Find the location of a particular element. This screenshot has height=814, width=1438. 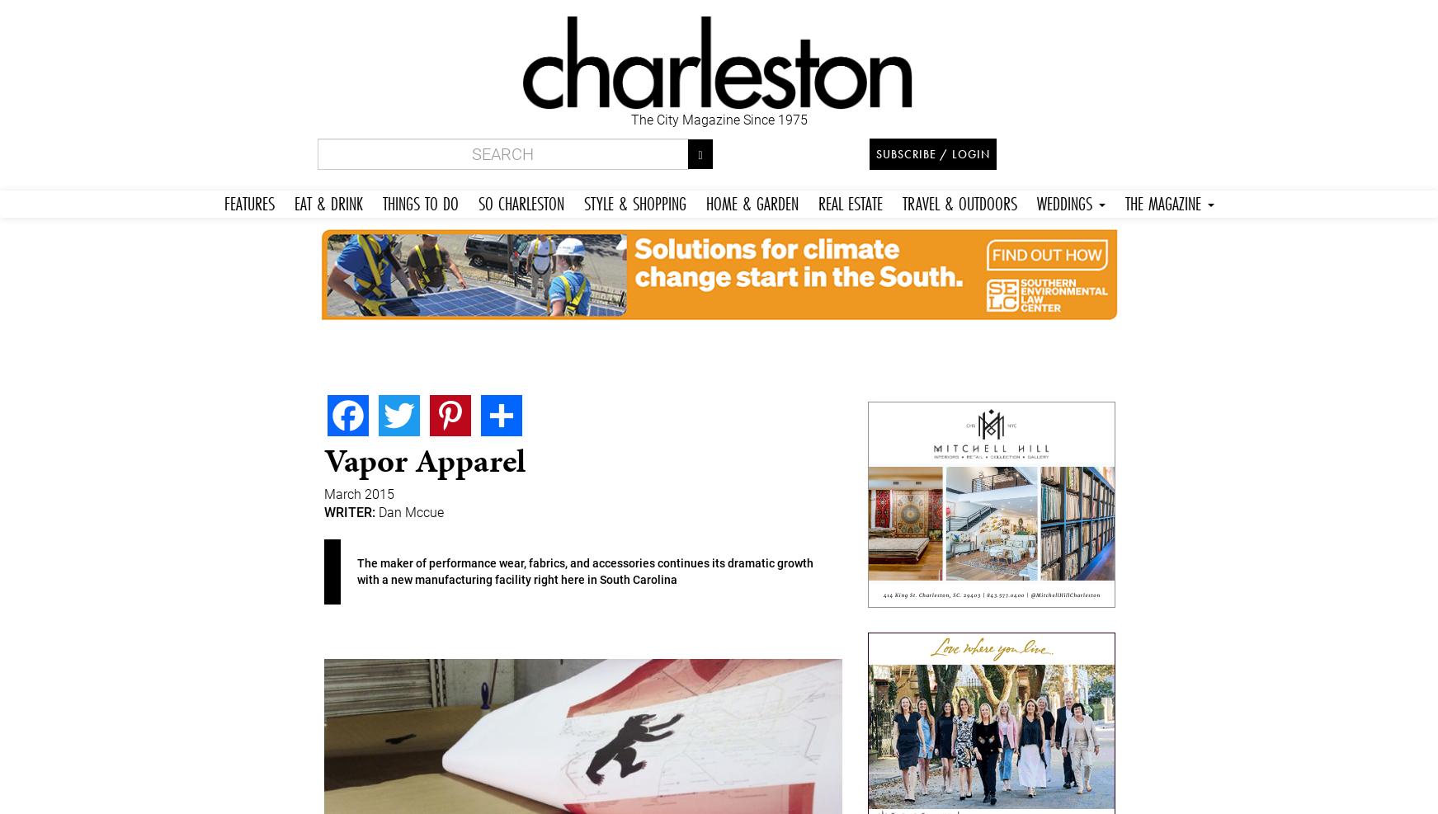

'REAL ESTATE' is located at coordinates (848, 202).